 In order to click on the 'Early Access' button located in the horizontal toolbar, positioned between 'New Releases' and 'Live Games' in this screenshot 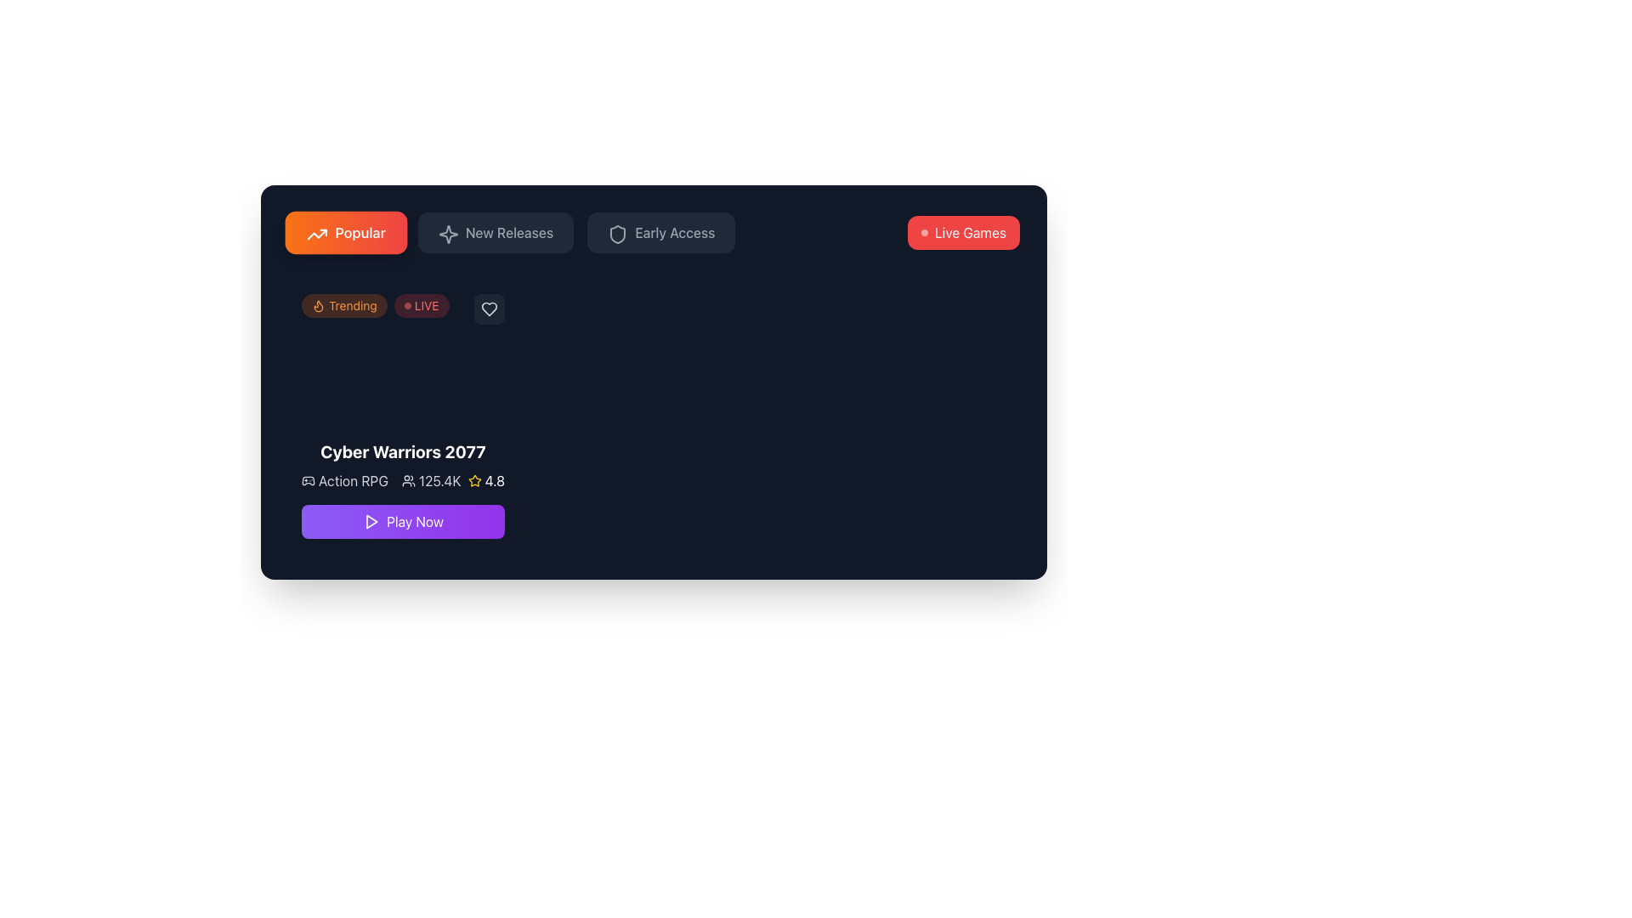, I will do `click(674, 232)`.